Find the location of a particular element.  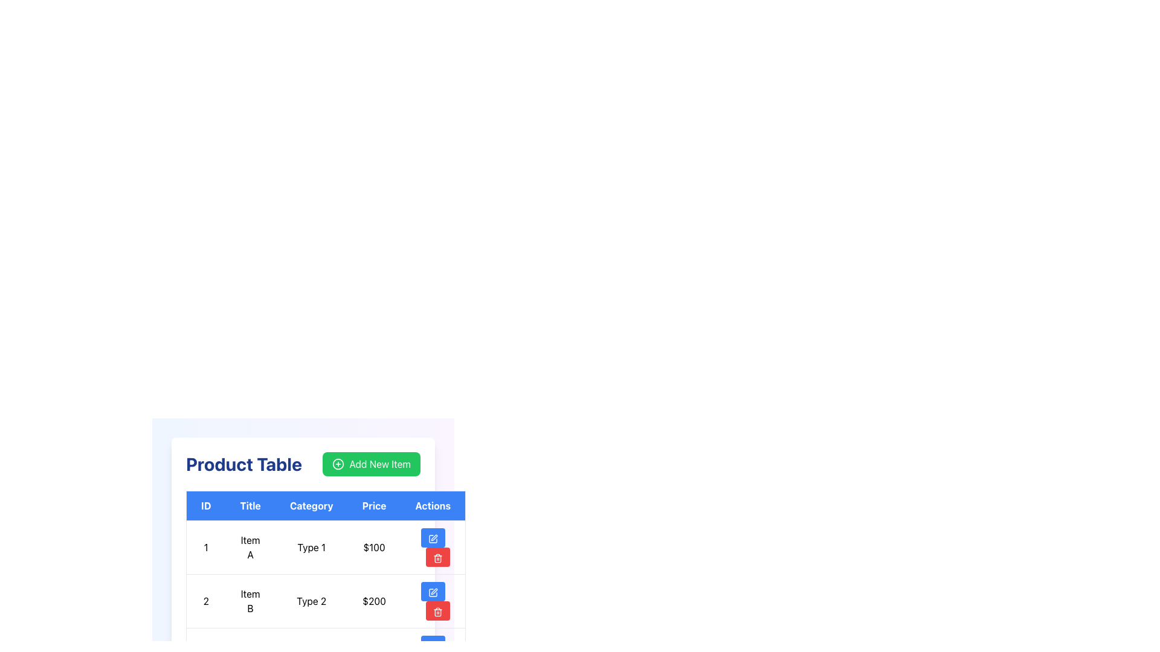

the blue button with a pencil icon in the first row of the actions column is located at coordinates (433, 537).